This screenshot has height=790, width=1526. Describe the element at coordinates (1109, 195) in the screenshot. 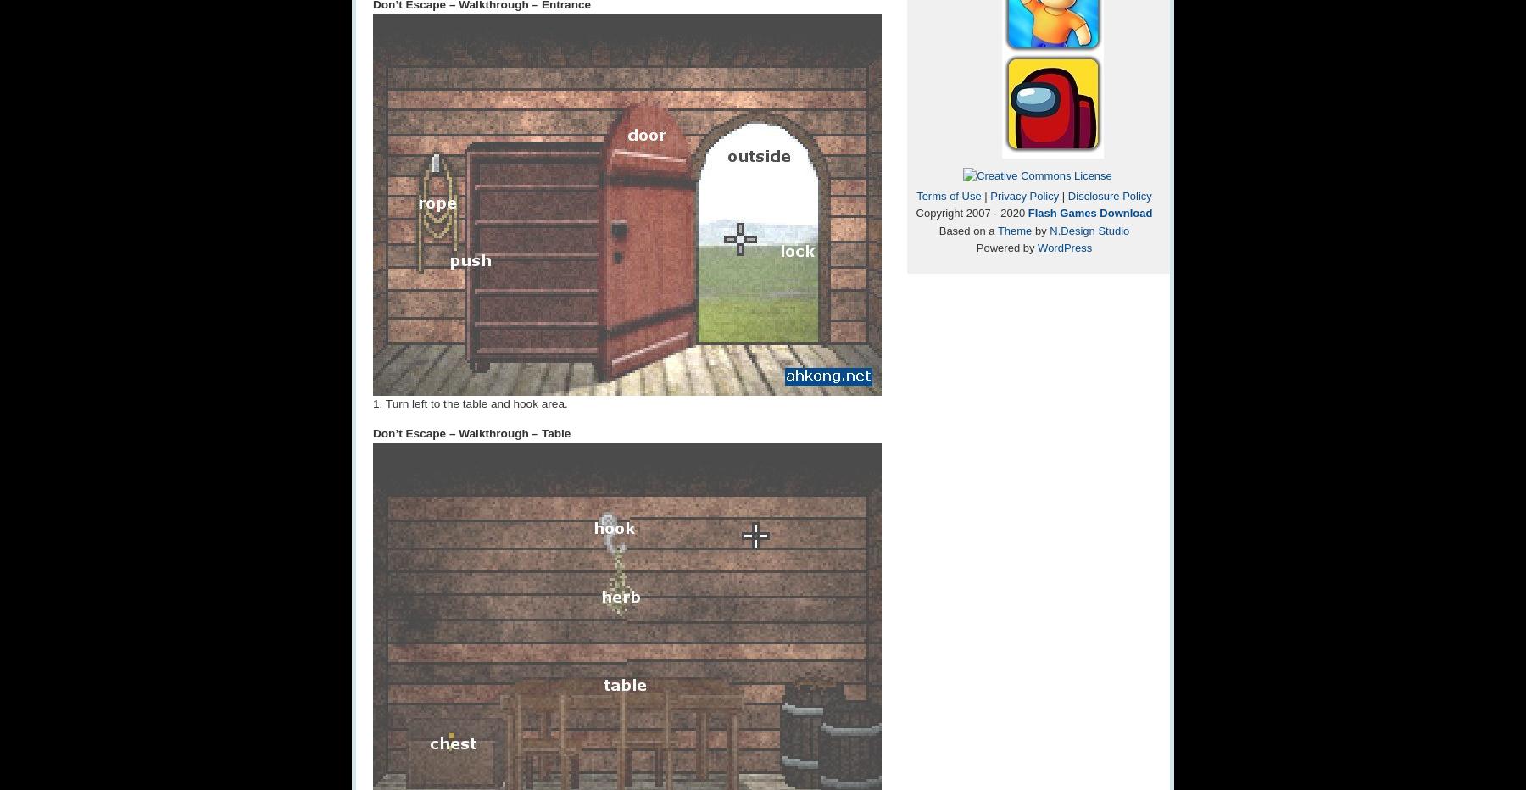

I see `'Disclosure Policy'` at that location.